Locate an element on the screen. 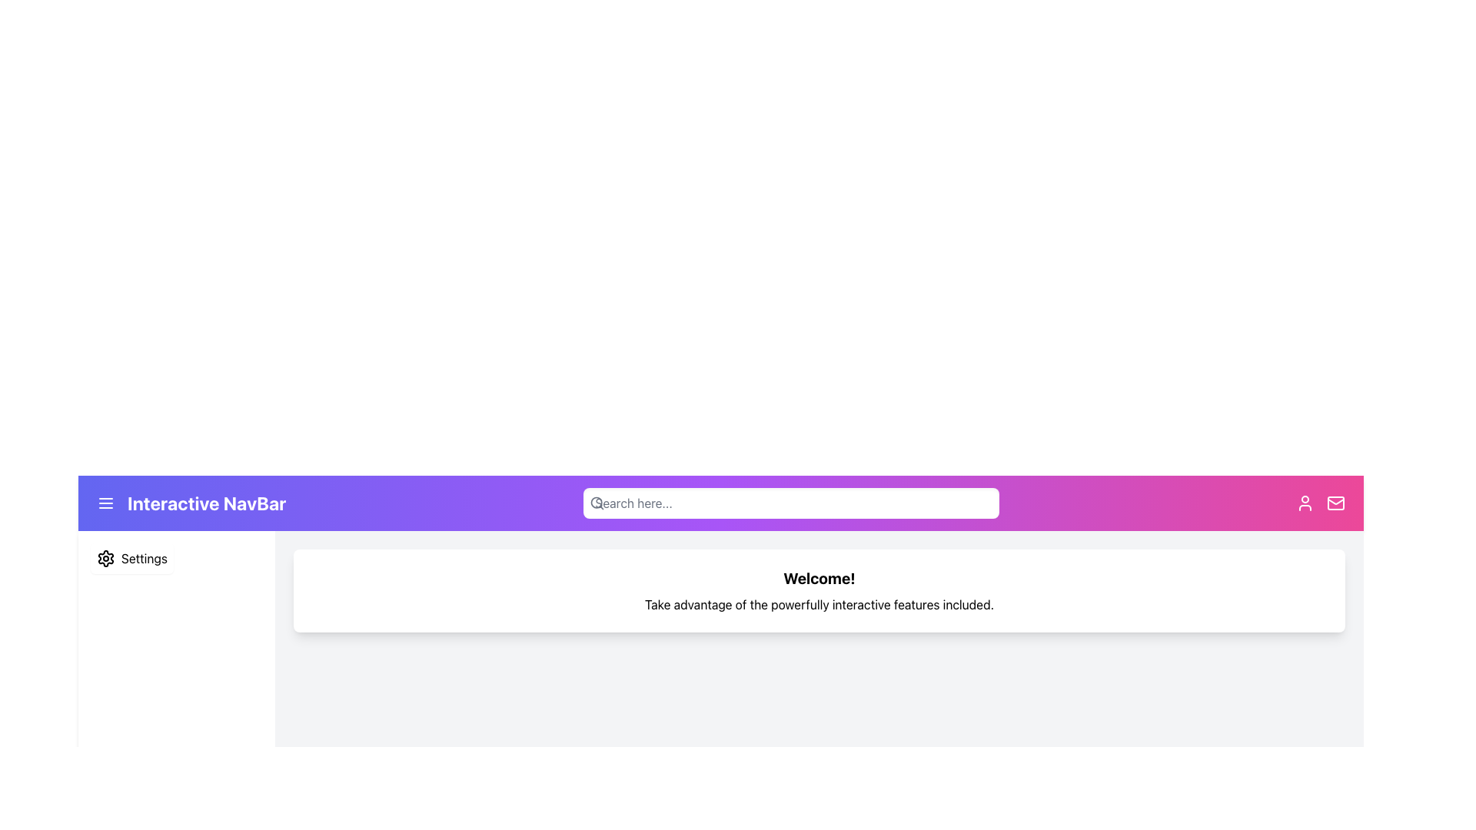 The height and width of the screenshot is (830, 1476). the headline text label that greets the user, positioned at the top of a white card with rounded edges is located at coordinates (818, 578).